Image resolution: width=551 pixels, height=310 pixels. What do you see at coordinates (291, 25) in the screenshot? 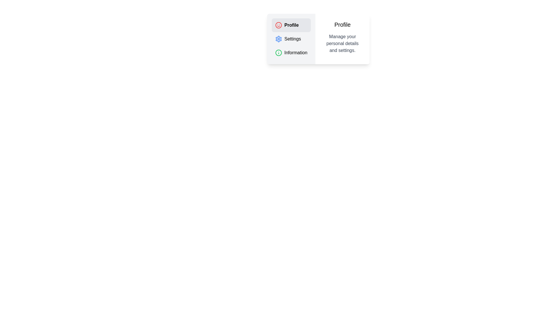
I see `the tab labeled 'Profile' to view its content` at bounding box center [291, 25].